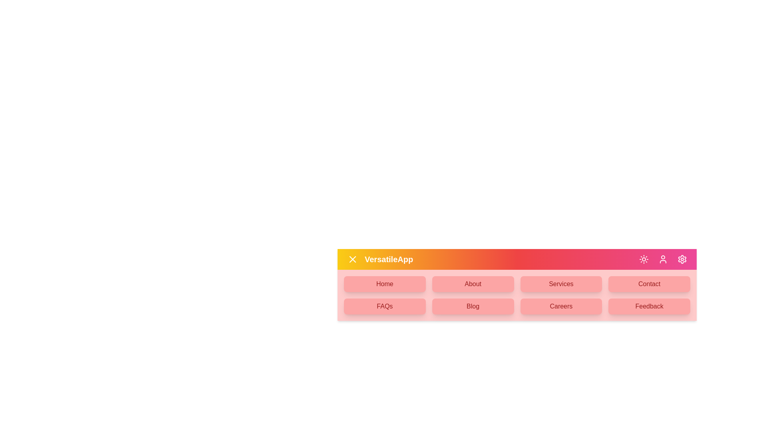 The image size is (767, 431). I want to click on the Settings icon on the right side of the app bar, so click(682, 259).